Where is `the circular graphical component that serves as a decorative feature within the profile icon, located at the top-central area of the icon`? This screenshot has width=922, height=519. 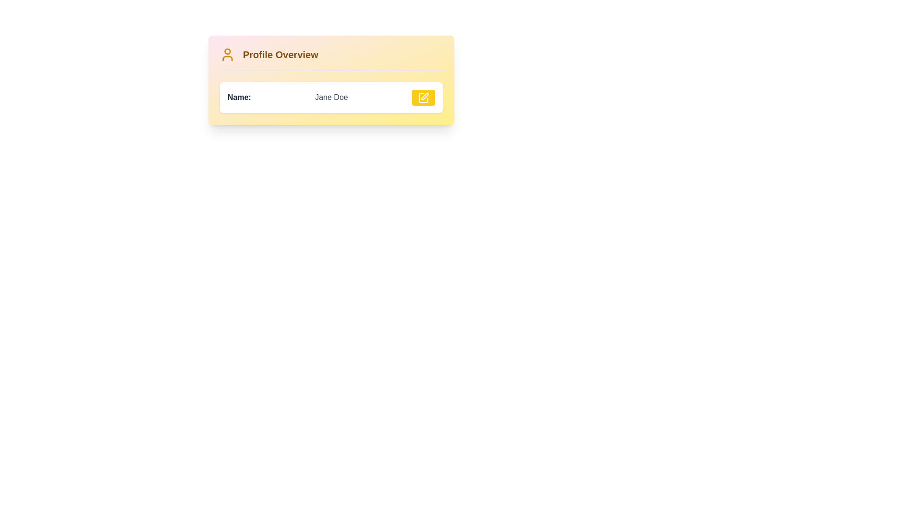 the circular graphical component that serves as a decorative feature within the profile icon, located at the top-central area of the icon is located at coordinates (227, 51).